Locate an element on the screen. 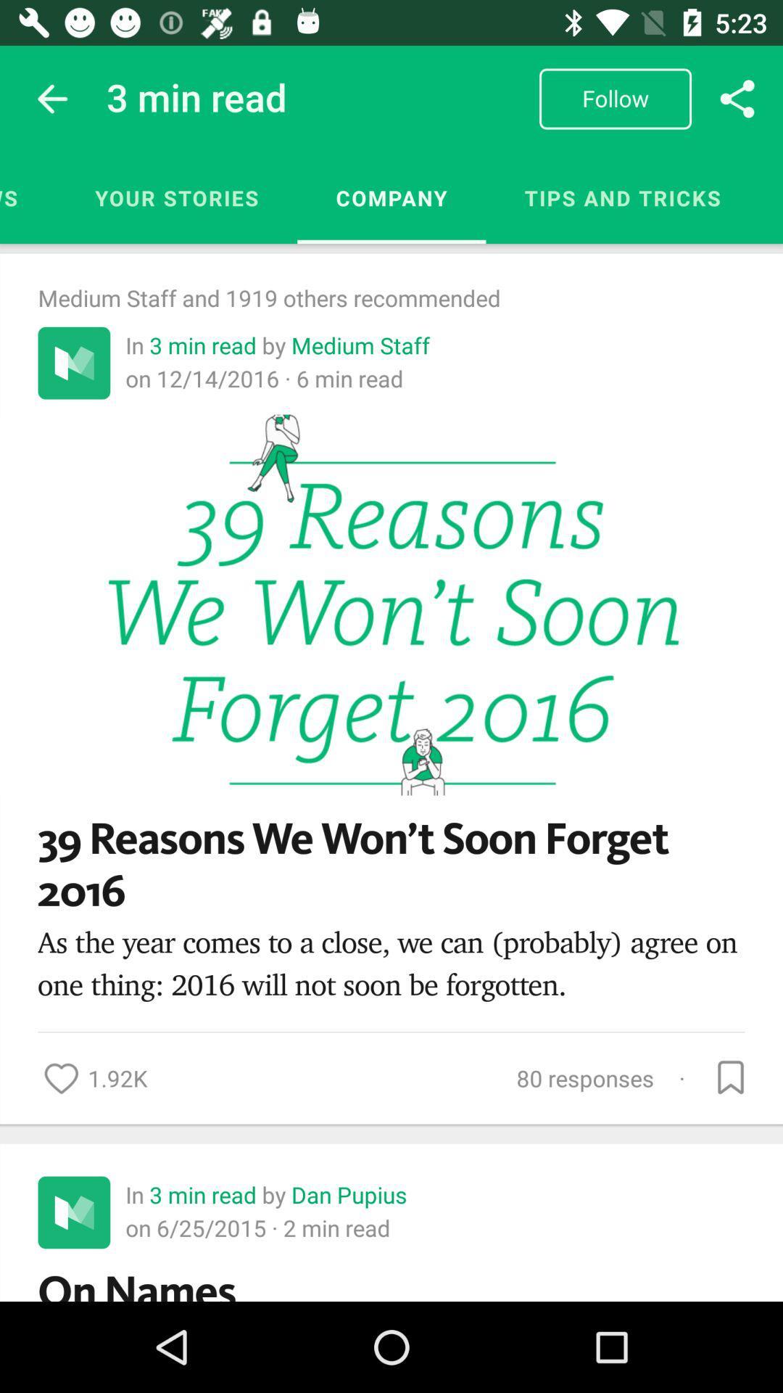 The width and height of the screenshot is (783, 1393). the text left to share icon at right top of the page is located at coordinates (615, 99).